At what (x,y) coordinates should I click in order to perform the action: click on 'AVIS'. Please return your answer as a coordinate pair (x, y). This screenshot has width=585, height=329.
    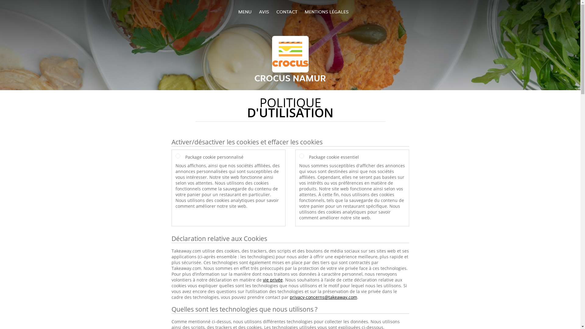
    Looking at the image, I should click on (264, 12).